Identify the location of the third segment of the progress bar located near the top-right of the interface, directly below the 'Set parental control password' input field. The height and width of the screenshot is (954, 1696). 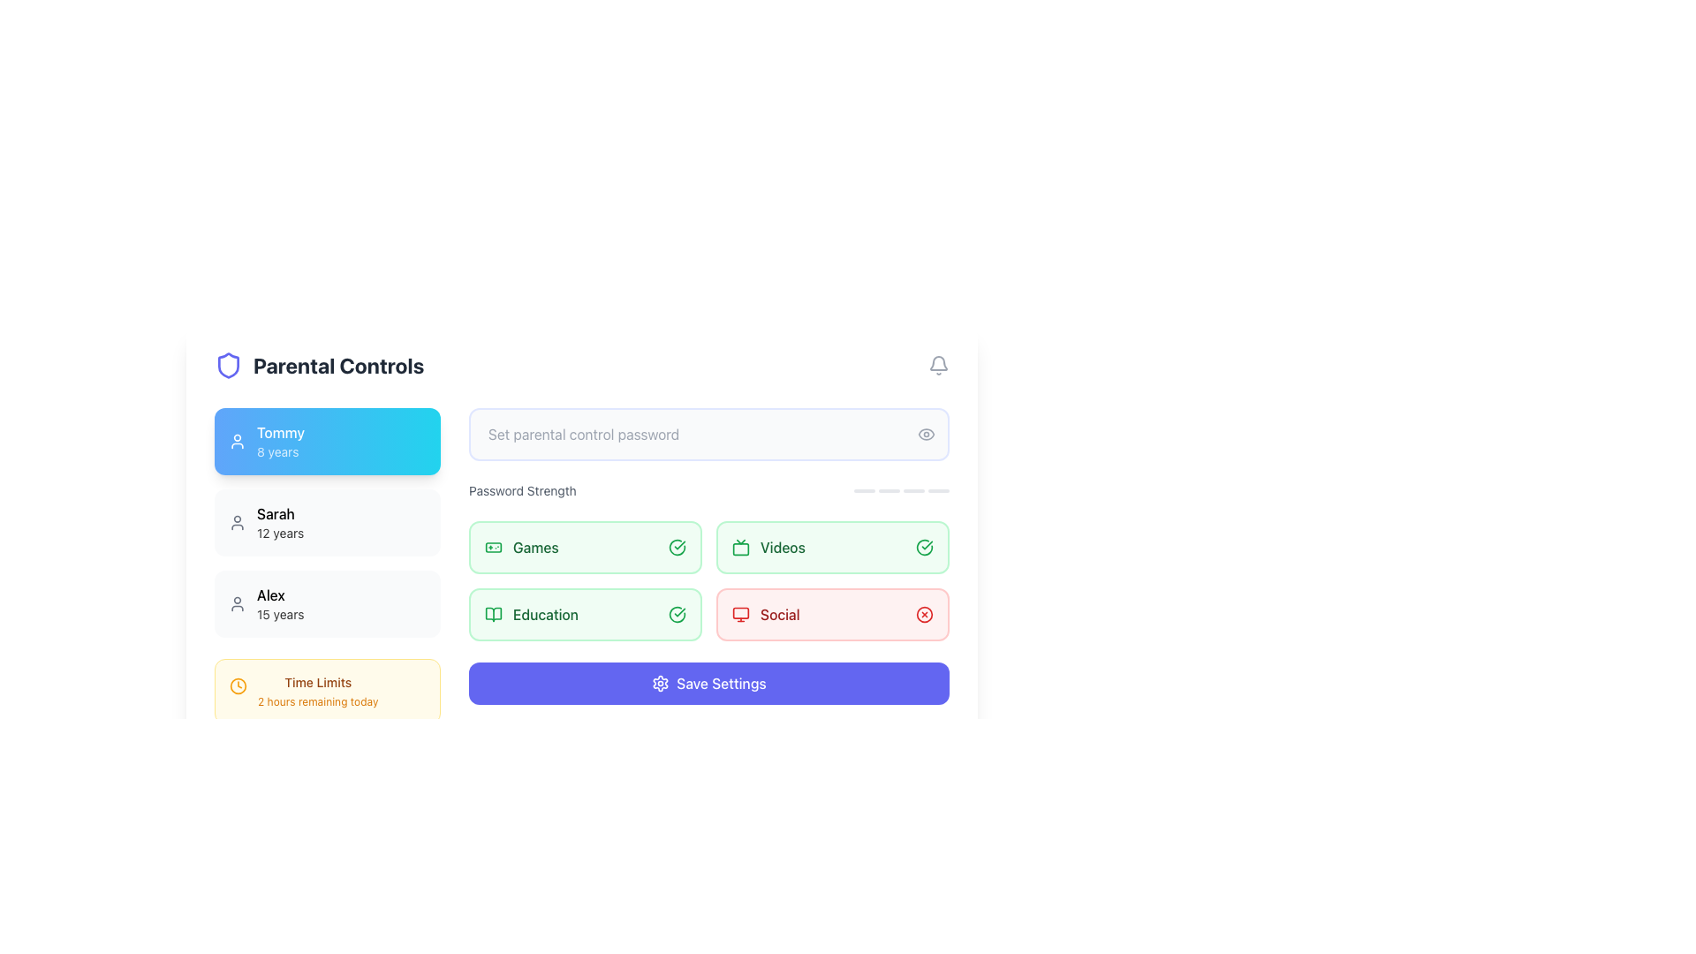
(914, 490).